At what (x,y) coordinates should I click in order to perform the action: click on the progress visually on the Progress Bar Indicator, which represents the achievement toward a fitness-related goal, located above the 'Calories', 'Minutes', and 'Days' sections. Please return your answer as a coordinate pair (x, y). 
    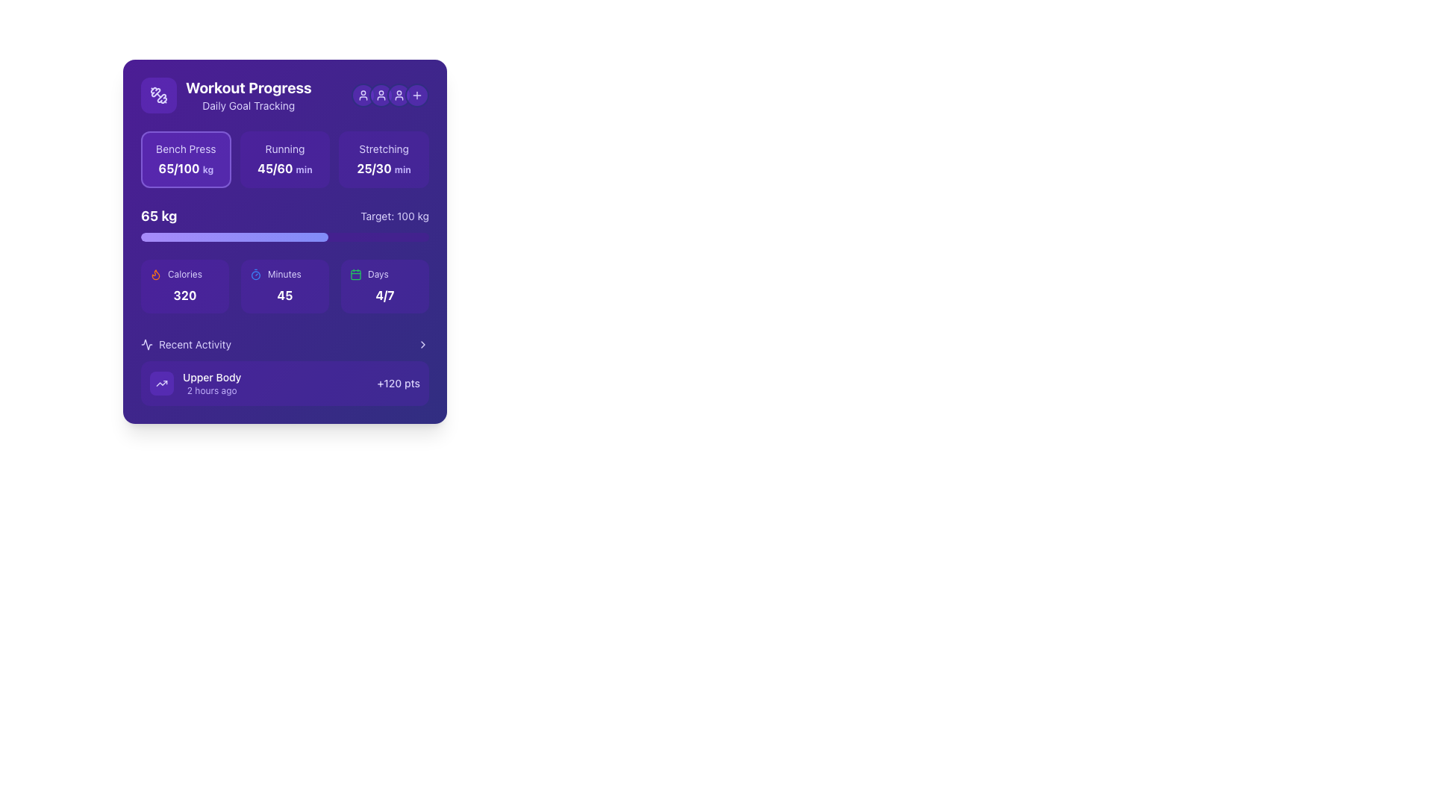
    Looking at the image, I should click on (234, 236).